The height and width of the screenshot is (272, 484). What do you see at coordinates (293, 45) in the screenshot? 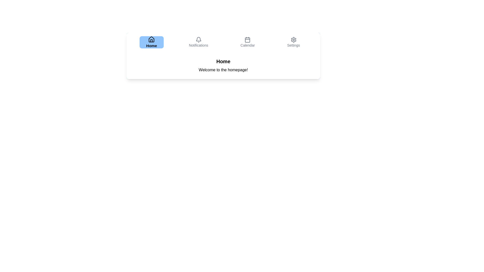
I see `the text label displaying 'Settings', which is located at the far right of the top navigation bar beneath a gear icon` at bounding box center [293, 45].